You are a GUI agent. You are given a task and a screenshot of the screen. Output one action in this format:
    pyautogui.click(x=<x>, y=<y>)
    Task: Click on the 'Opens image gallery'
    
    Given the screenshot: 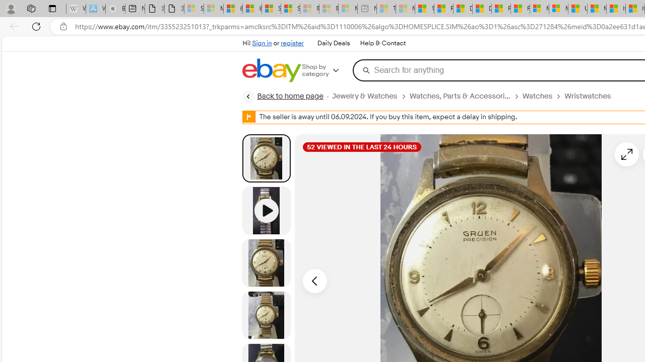 What is the action you would take?
    pyautogui.click(x=626, y=154)
    